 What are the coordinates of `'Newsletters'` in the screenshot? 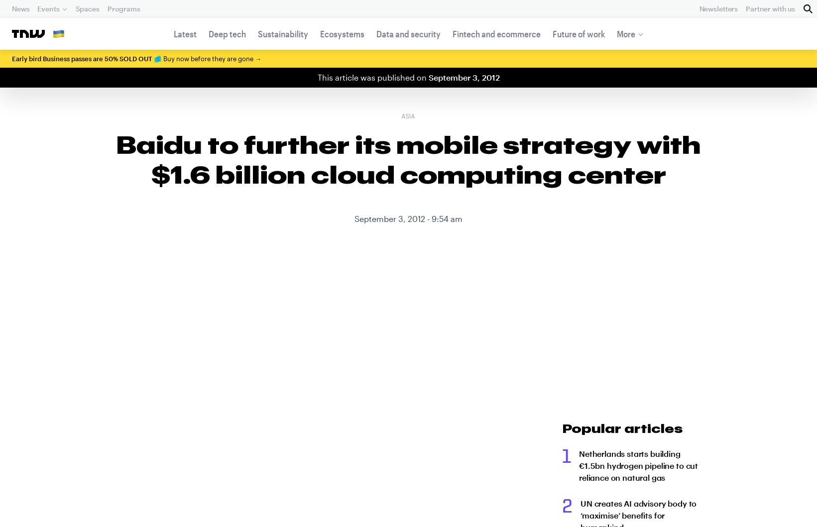 It's located at (717, 8).